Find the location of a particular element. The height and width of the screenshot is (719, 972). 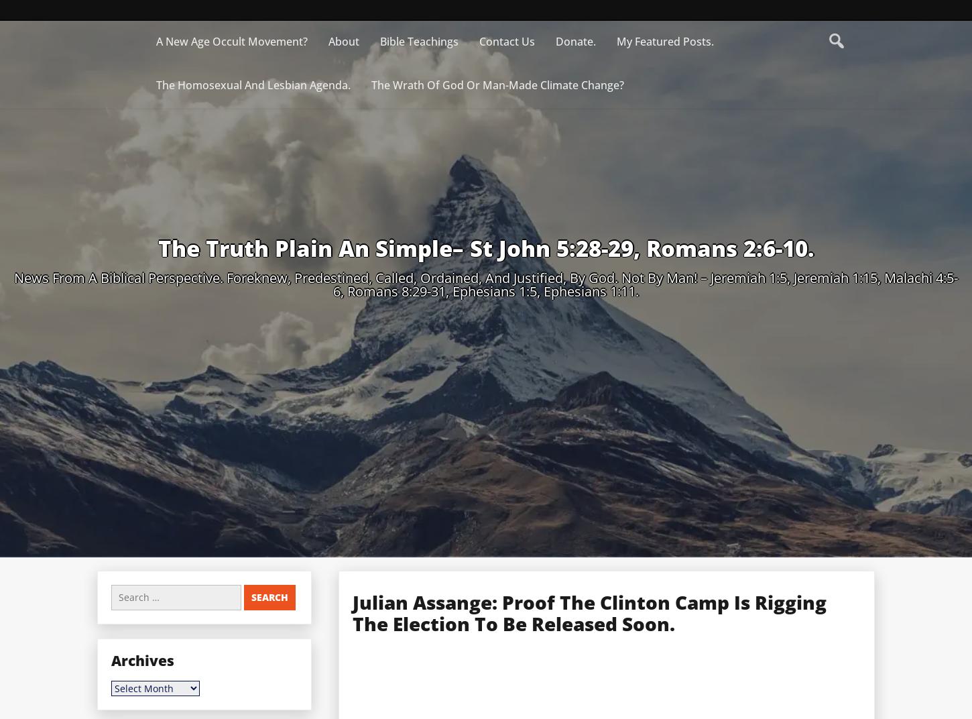

'Contact Us' is located at coordinates (506, 40).